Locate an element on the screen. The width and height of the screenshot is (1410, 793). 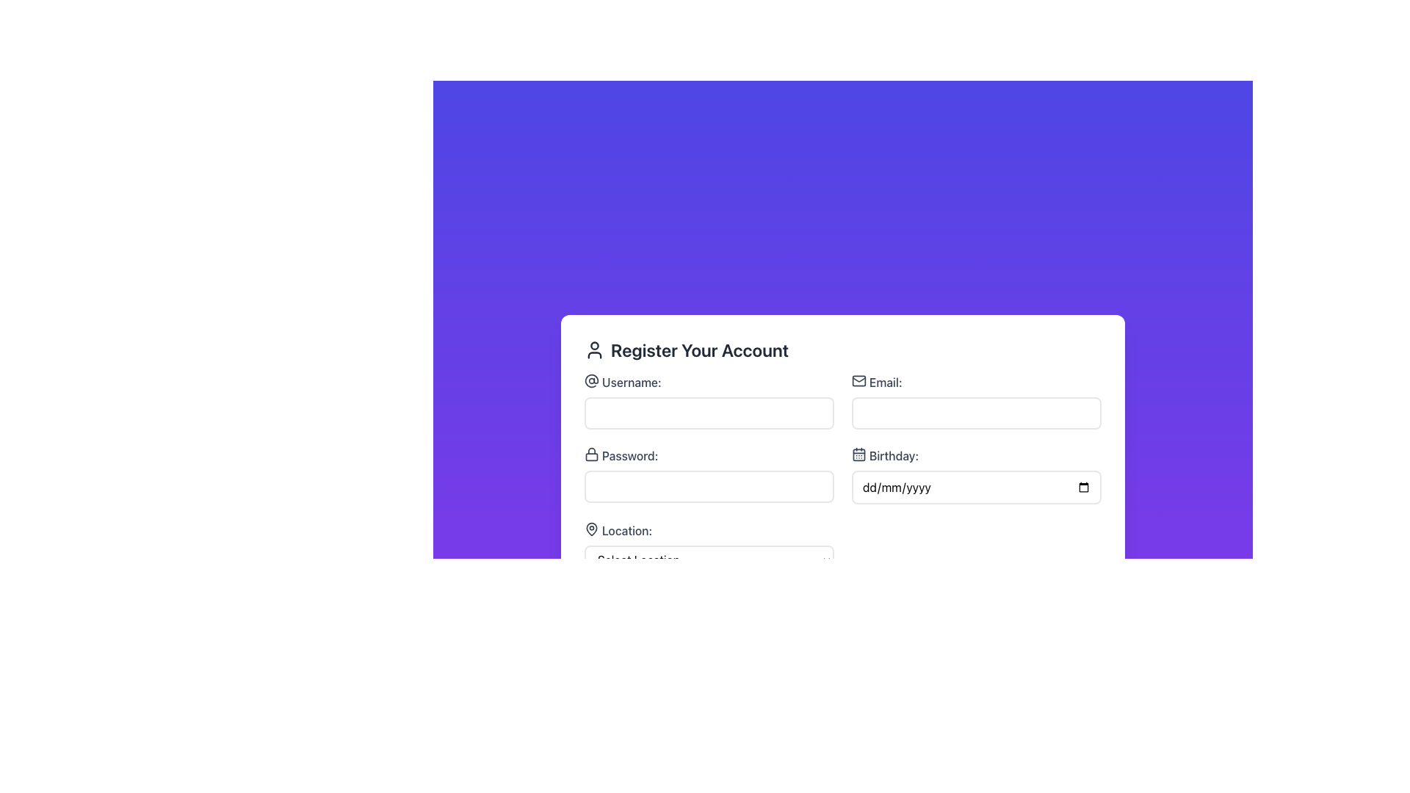
the decorative lock body element of the SVG icon, which is part of the registration form indicating security or privacy, located to the left of the 'Password:' label is located at coordinates (592, 455).